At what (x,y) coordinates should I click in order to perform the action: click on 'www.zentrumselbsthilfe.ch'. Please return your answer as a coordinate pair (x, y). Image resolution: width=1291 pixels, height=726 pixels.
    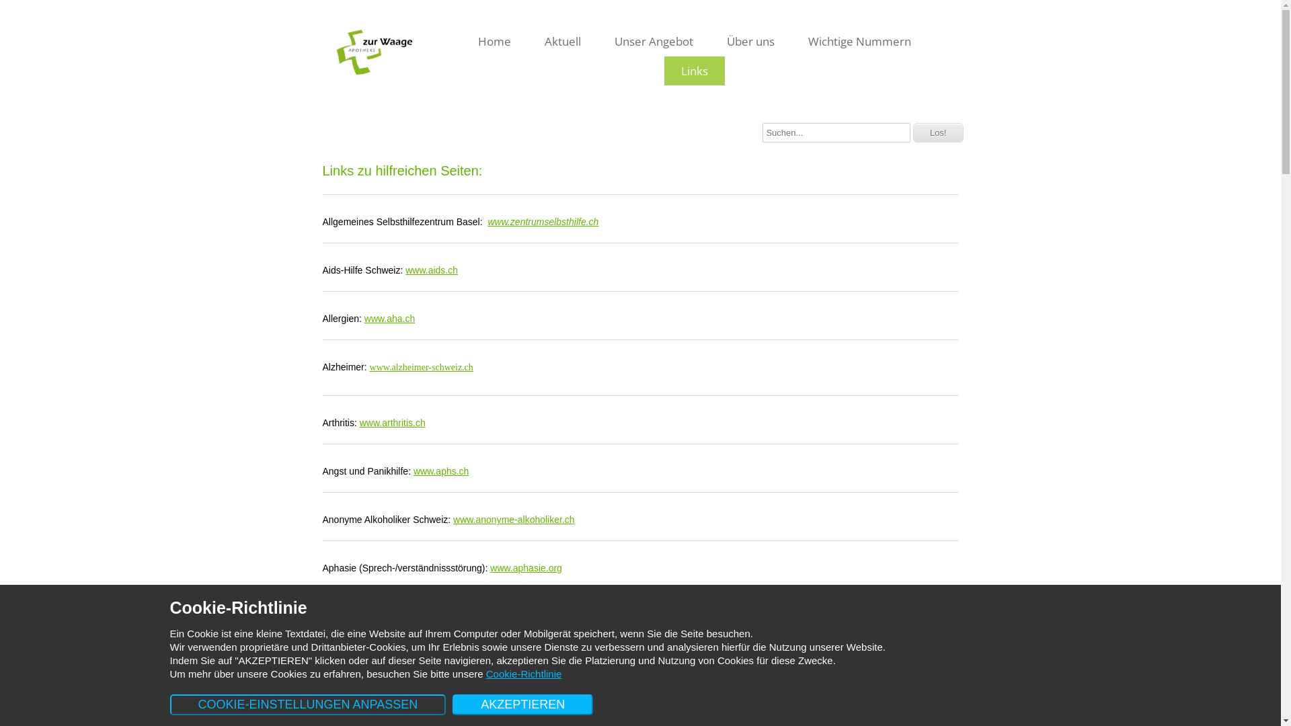
    Looking at the image, I should click on (543, 221).